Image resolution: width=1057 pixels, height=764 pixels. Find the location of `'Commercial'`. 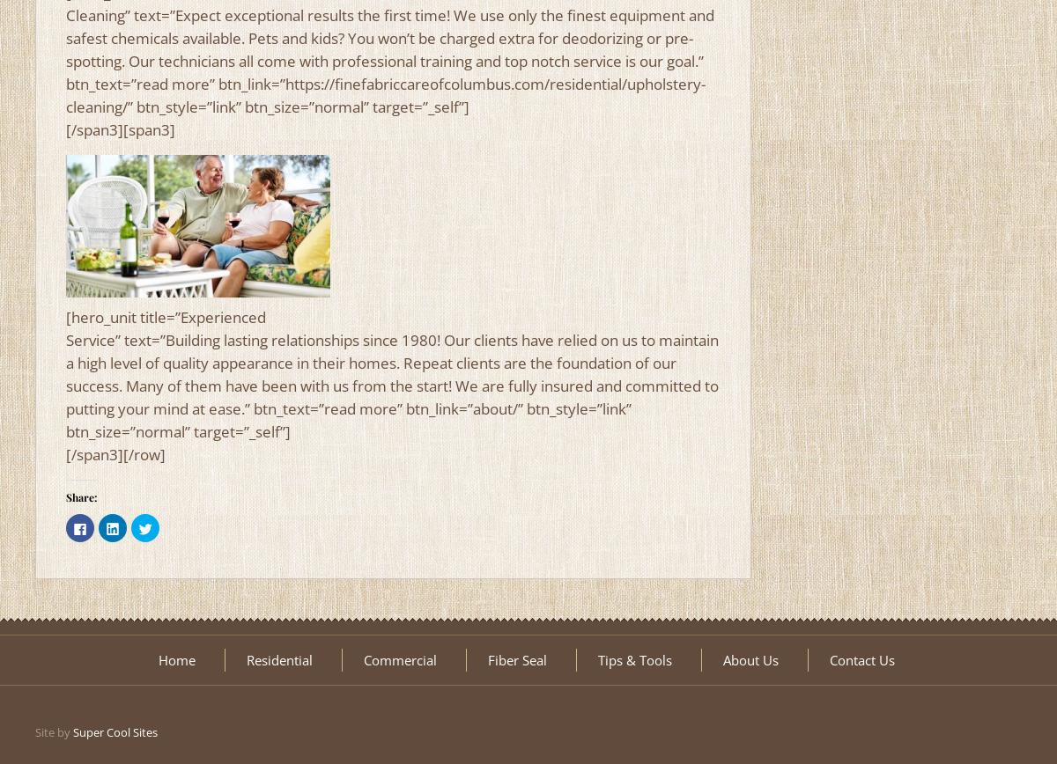

'Commercial' is located at coordinates (398, 660).